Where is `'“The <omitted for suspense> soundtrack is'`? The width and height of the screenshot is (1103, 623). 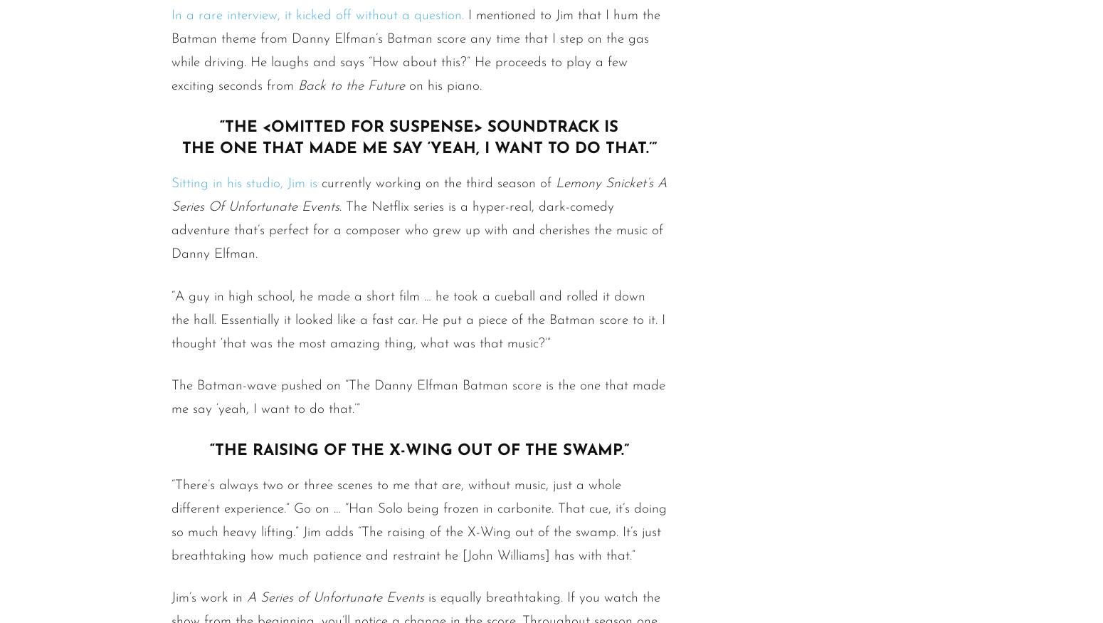 '“The <omitted for suspense> soundtrack is' is located at coordinates (419, 127).